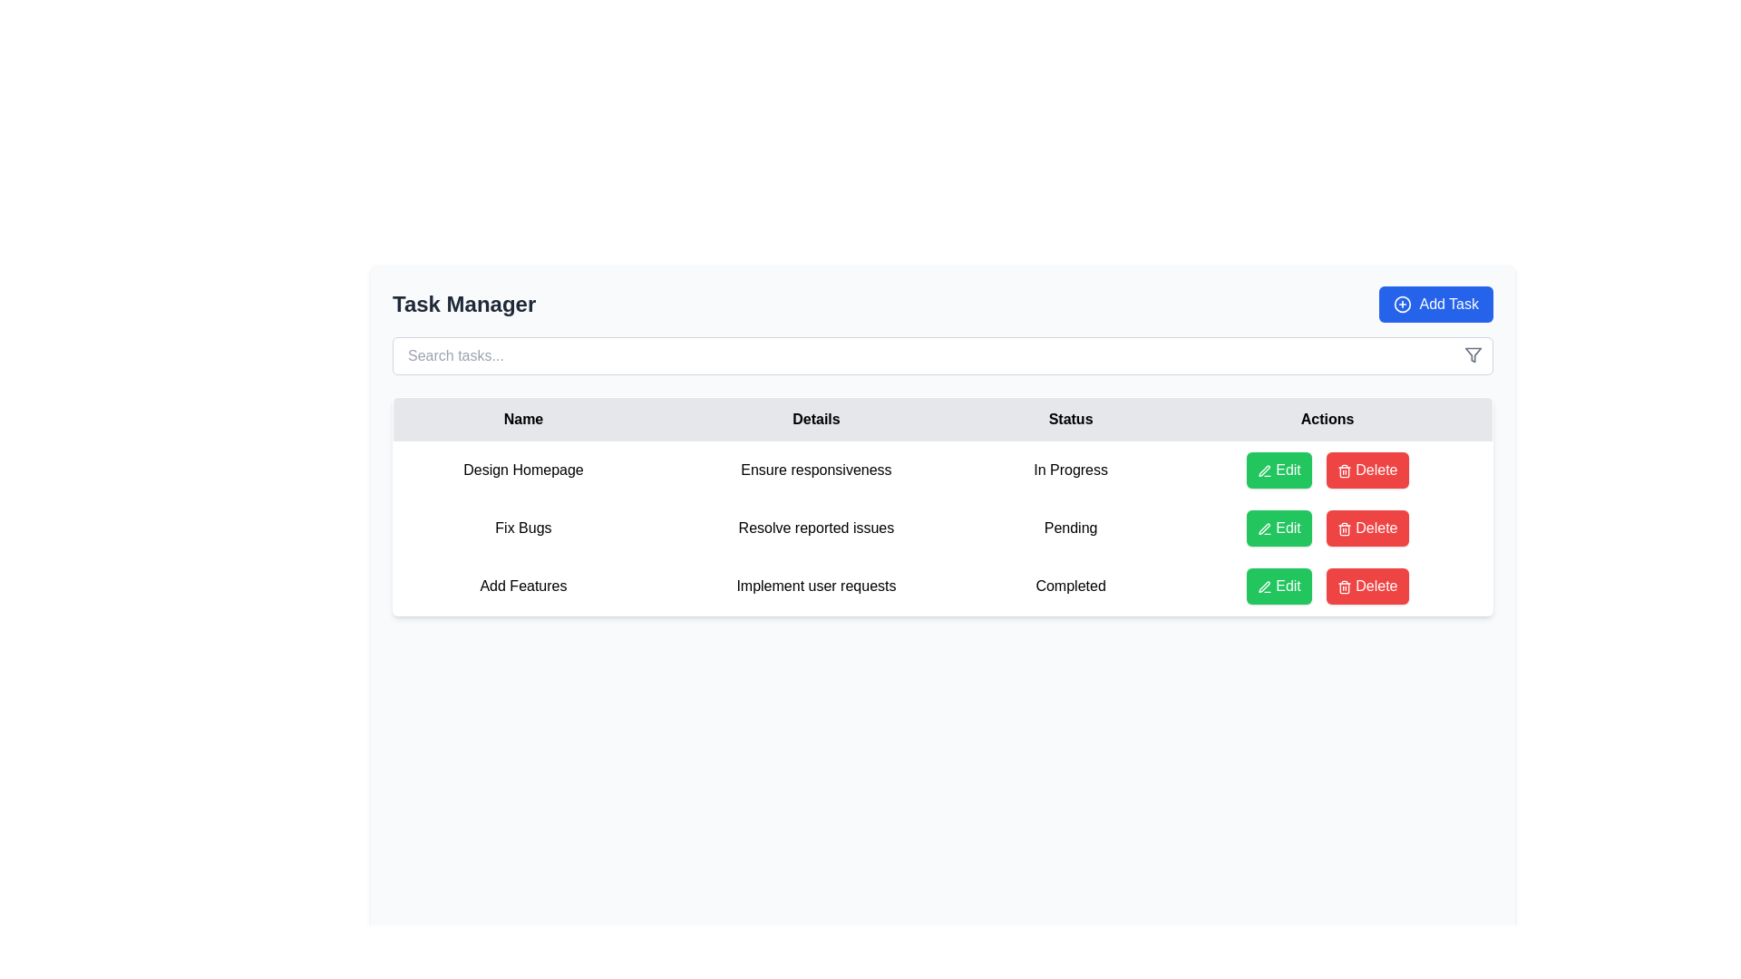 Image resolution: width=1741 pixels, height=979 pixels. I want to click on the static label reading 'Completed' in the 'Status' column of the third row, which describes the 'Add Features' task, so click(1071, 586).